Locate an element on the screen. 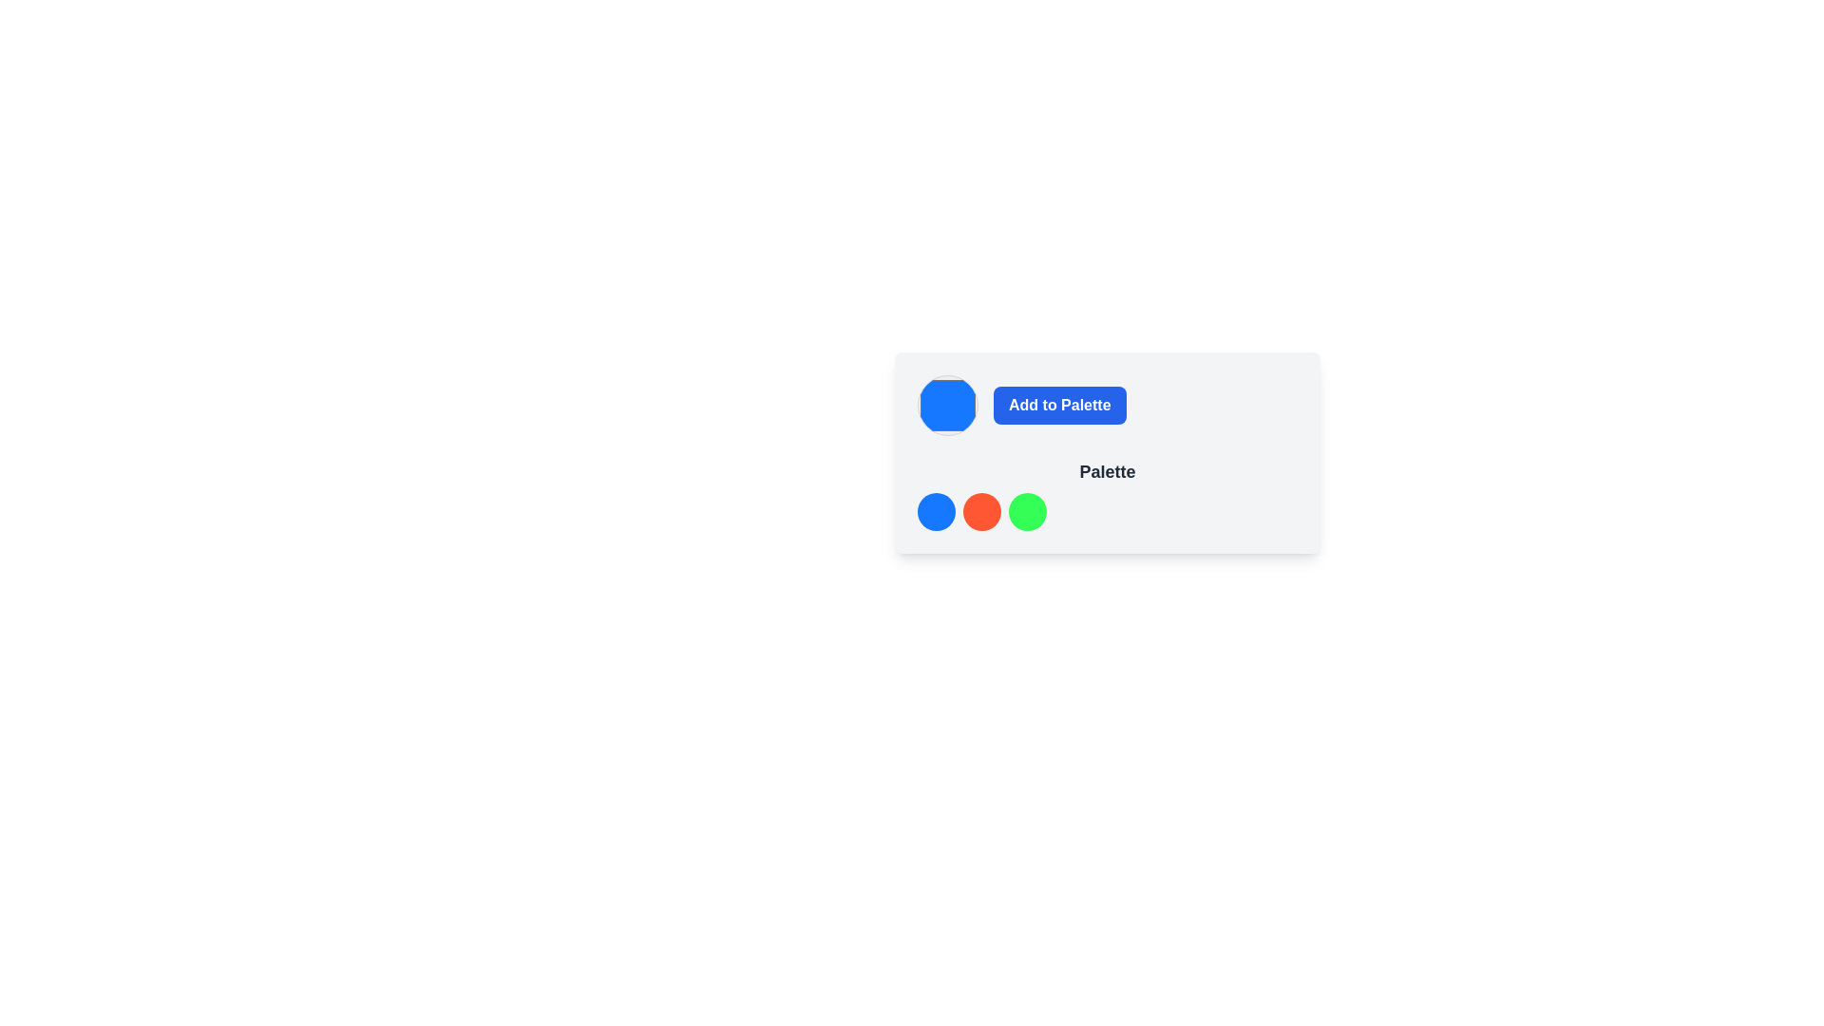 The image size is (1824, 1026). the 'Add to Palette' button, which is a blue button with white text on a gray background is located at coordinates (1108, 405).